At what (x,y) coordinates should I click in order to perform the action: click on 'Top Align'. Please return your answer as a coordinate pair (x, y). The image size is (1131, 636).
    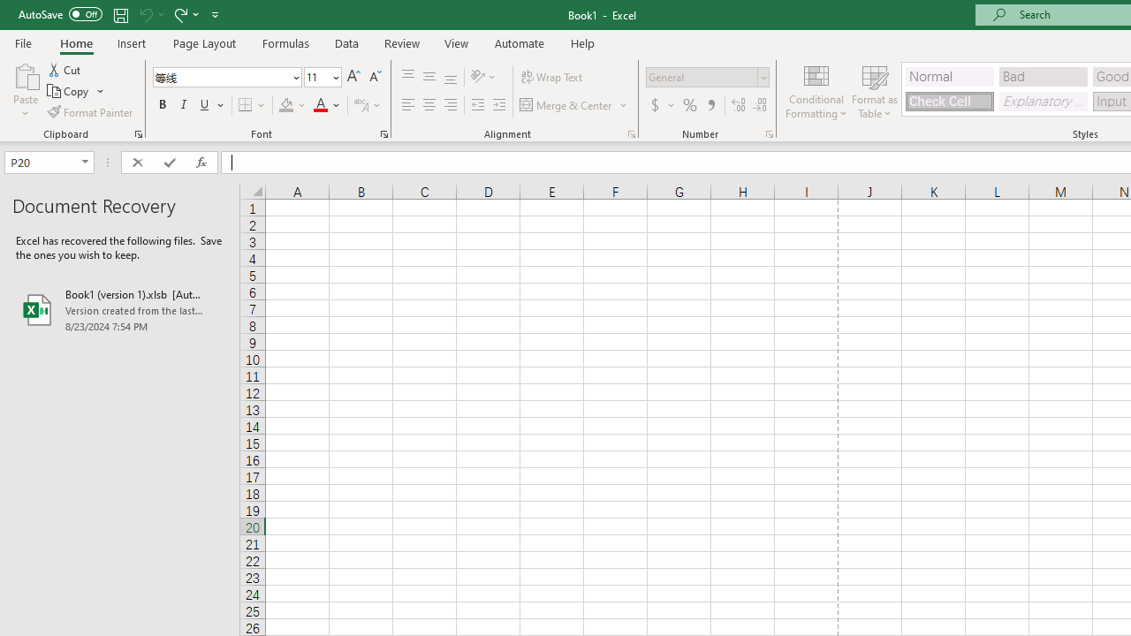
    Looking at the image, I should click on (407, 76).